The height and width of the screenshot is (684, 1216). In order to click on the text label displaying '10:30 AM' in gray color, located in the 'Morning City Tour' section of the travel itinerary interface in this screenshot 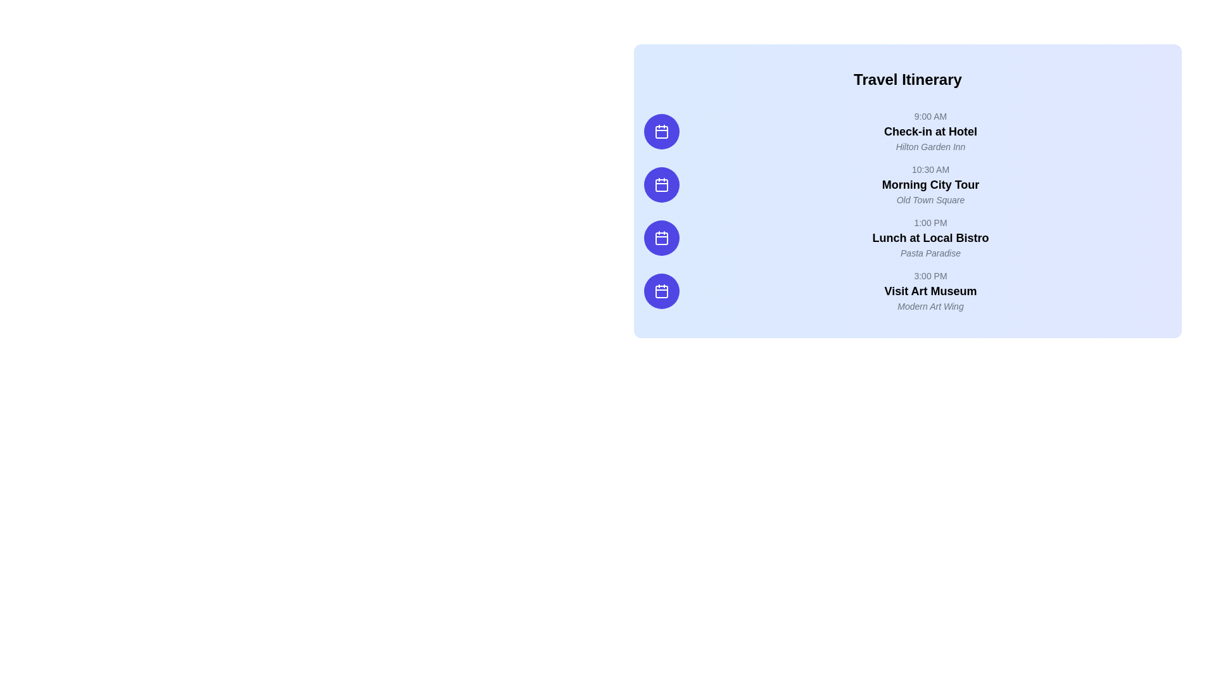, I will do `click(930, 168)`.